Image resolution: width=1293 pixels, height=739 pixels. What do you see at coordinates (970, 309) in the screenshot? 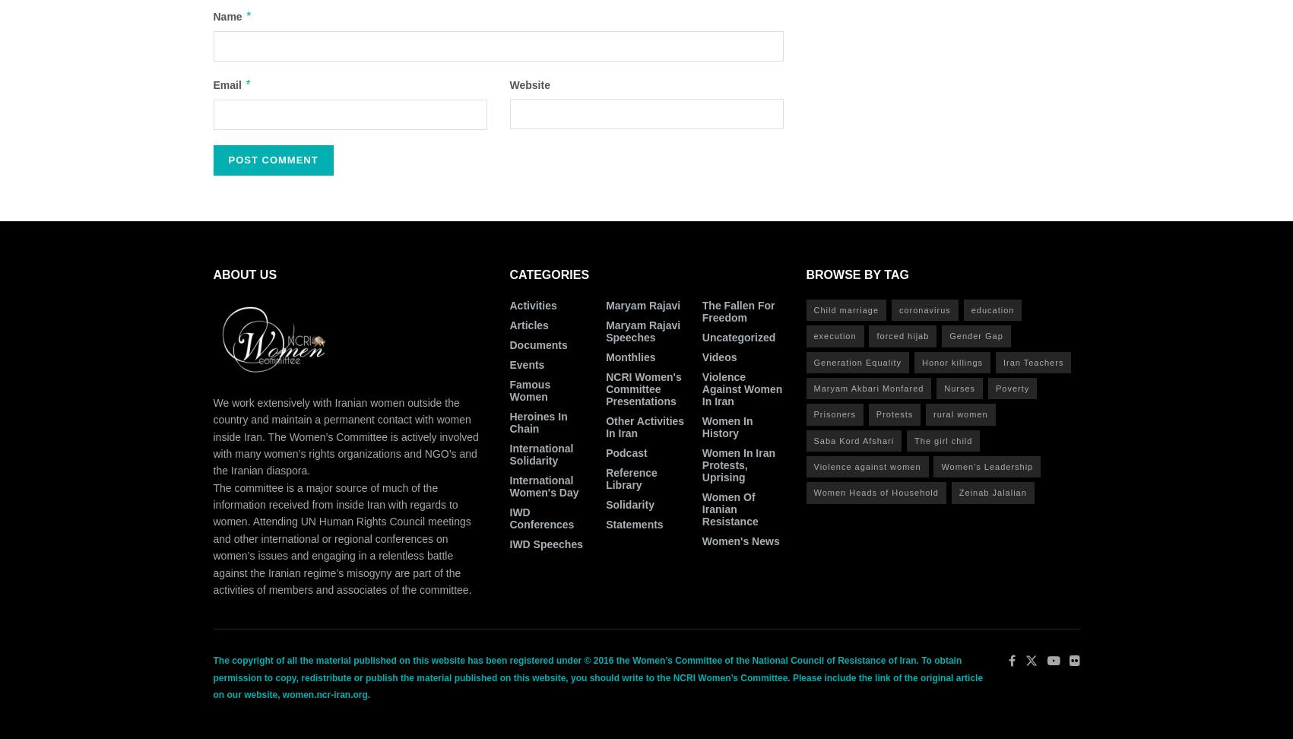
I see `'education'` at bounding box center [970, 309].